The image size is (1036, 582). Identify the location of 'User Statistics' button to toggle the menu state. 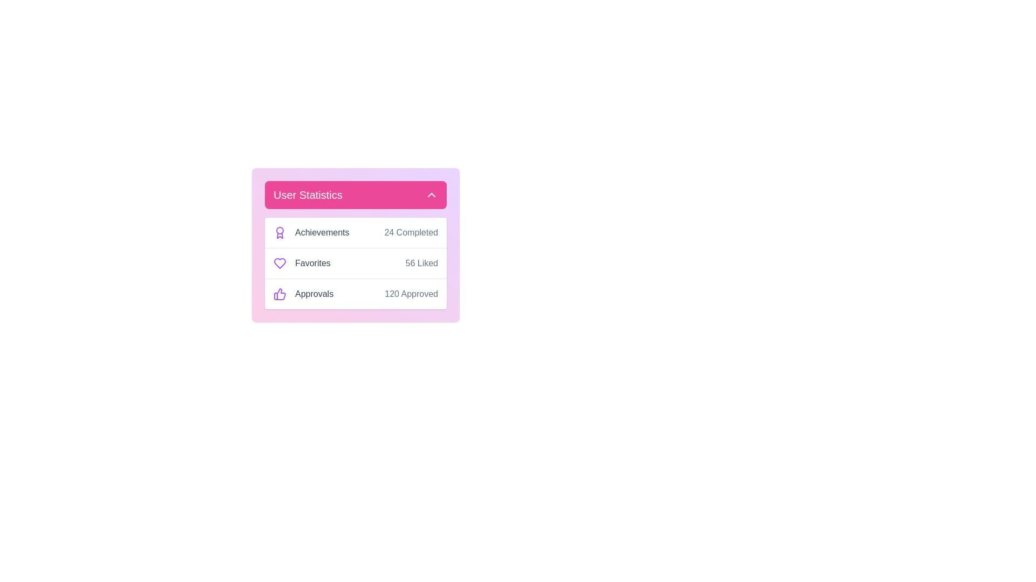
(356, 195).